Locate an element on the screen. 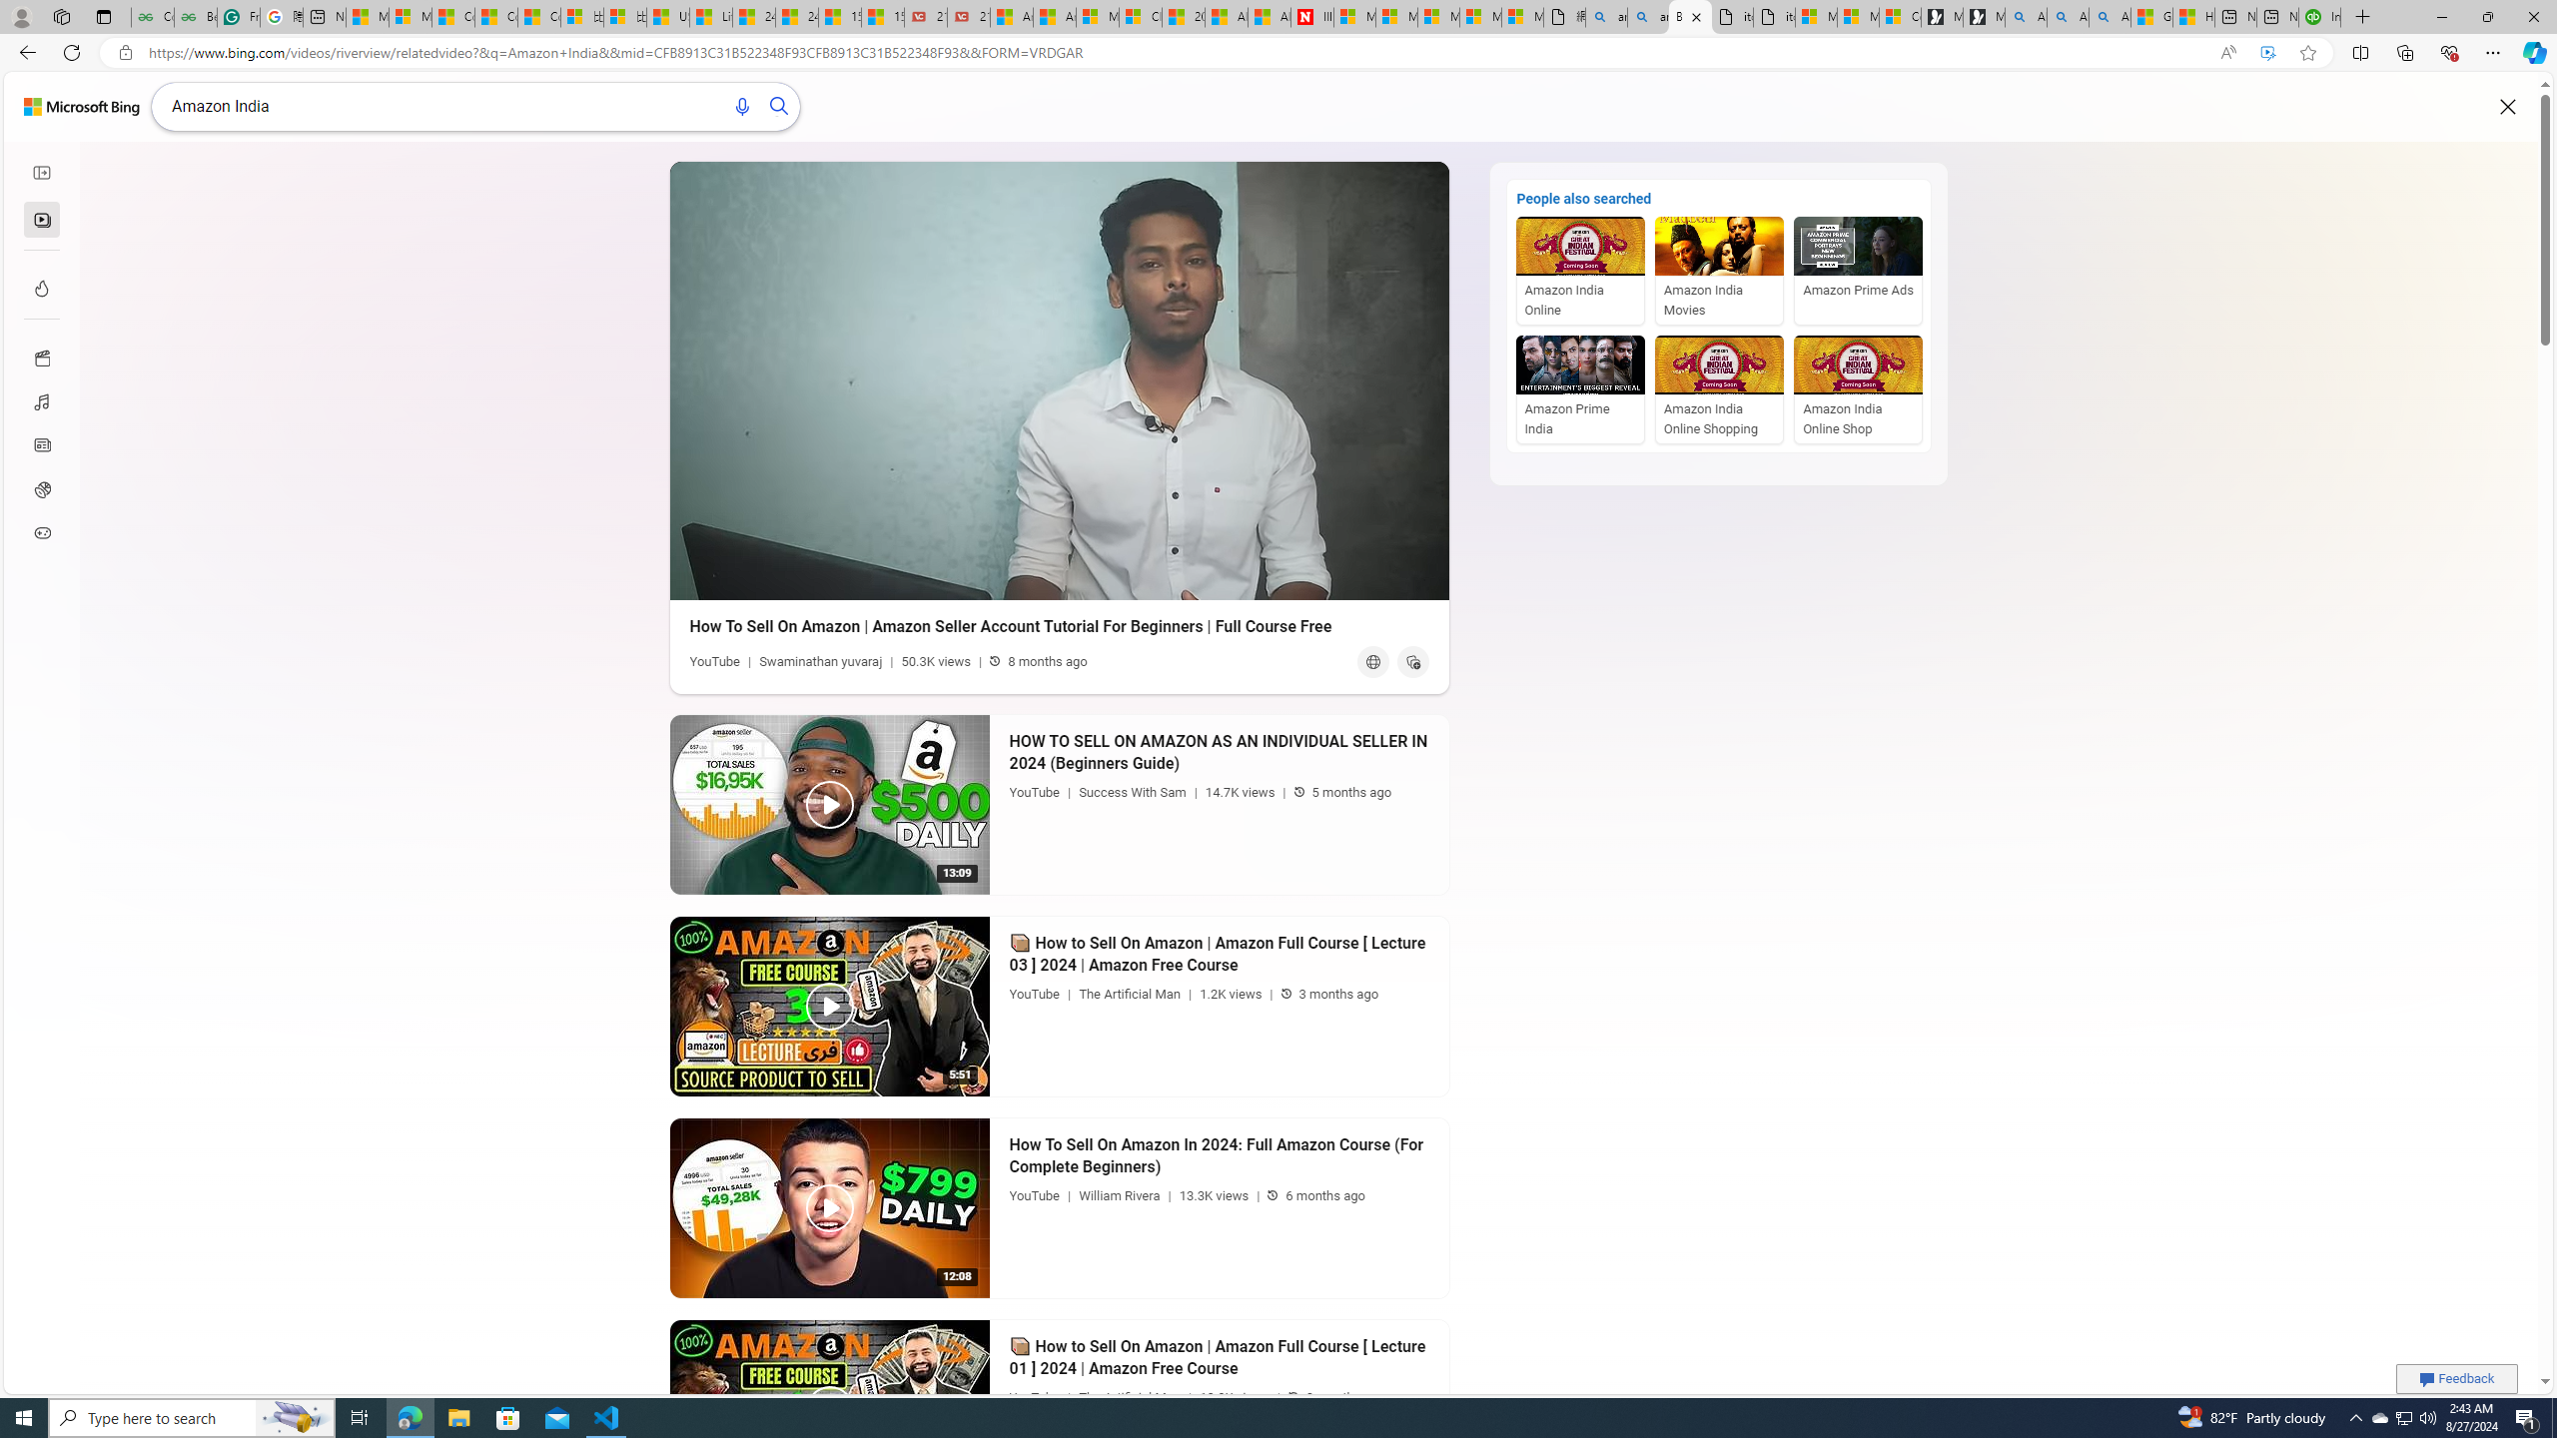  'Intuit QuickBooks Online - Quickbooks' is located at coordinates (2320, 16).